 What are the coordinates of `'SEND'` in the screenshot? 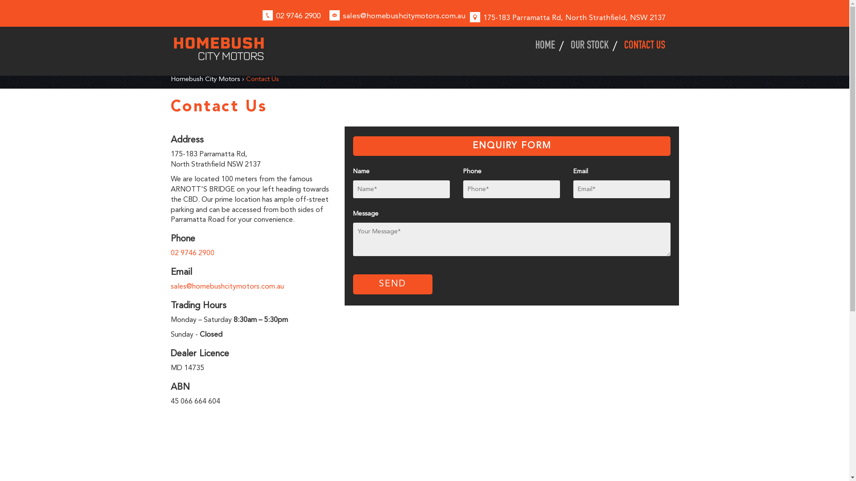 It's located at (392, 284).